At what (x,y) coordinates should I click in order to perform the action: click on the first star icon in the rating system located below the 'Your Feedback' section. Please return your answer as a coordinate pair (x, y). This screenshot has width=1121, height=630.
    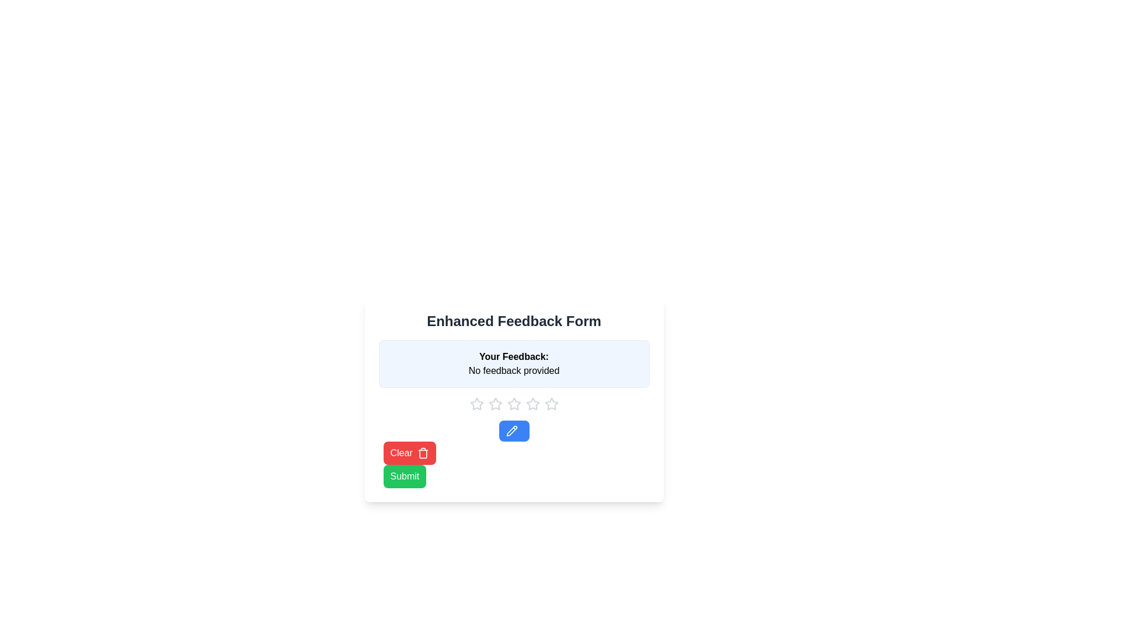
    Looking at the image, I should click on (495, 403).